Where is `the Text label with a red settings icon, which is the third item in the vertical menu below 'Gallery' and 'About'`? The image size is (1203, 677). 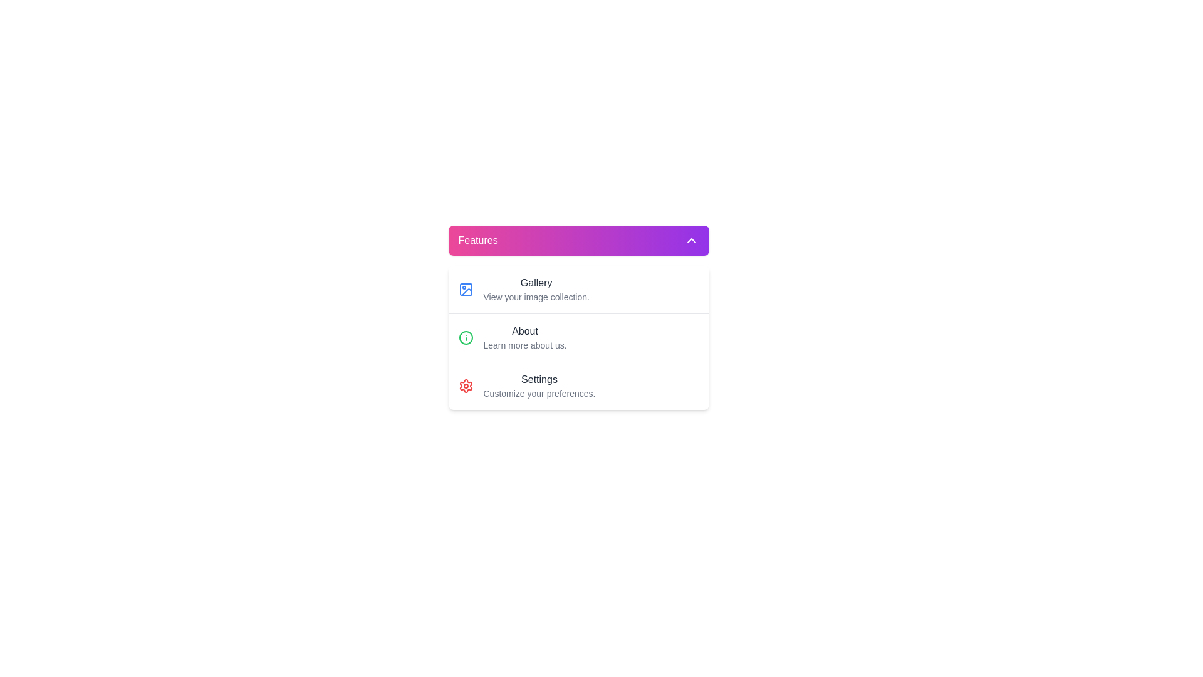 the Text label with a red settings icon, which is the third item in the vertical menu below 'Gallery' and 'About' is located at coordinates (539, 386).